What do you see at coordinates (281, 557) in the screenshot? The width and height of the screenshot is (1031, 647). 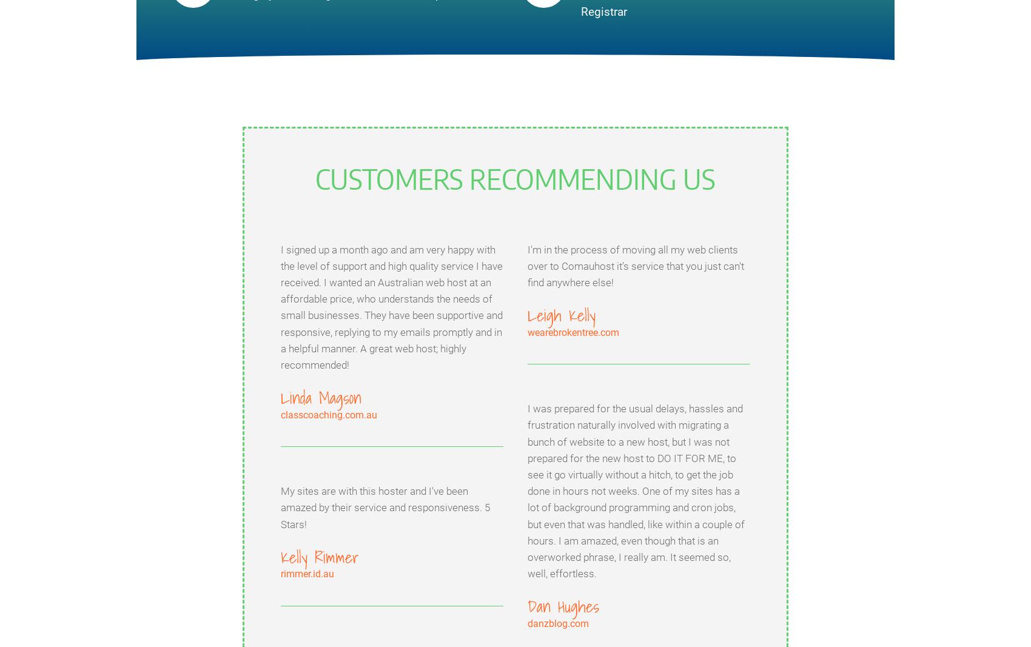 I see `'Kelly Rimmer'` at bounding box center [281, 557].